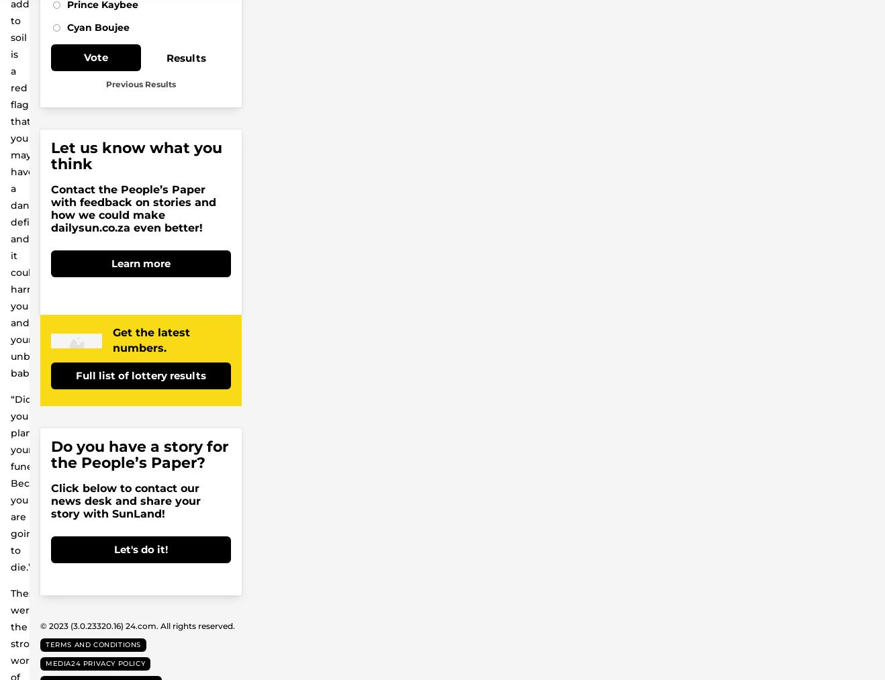  Describe the element at coordinates (138, 454) in the screenshot. I see `'Do you have a story for the People’s Paper?'` at that location.